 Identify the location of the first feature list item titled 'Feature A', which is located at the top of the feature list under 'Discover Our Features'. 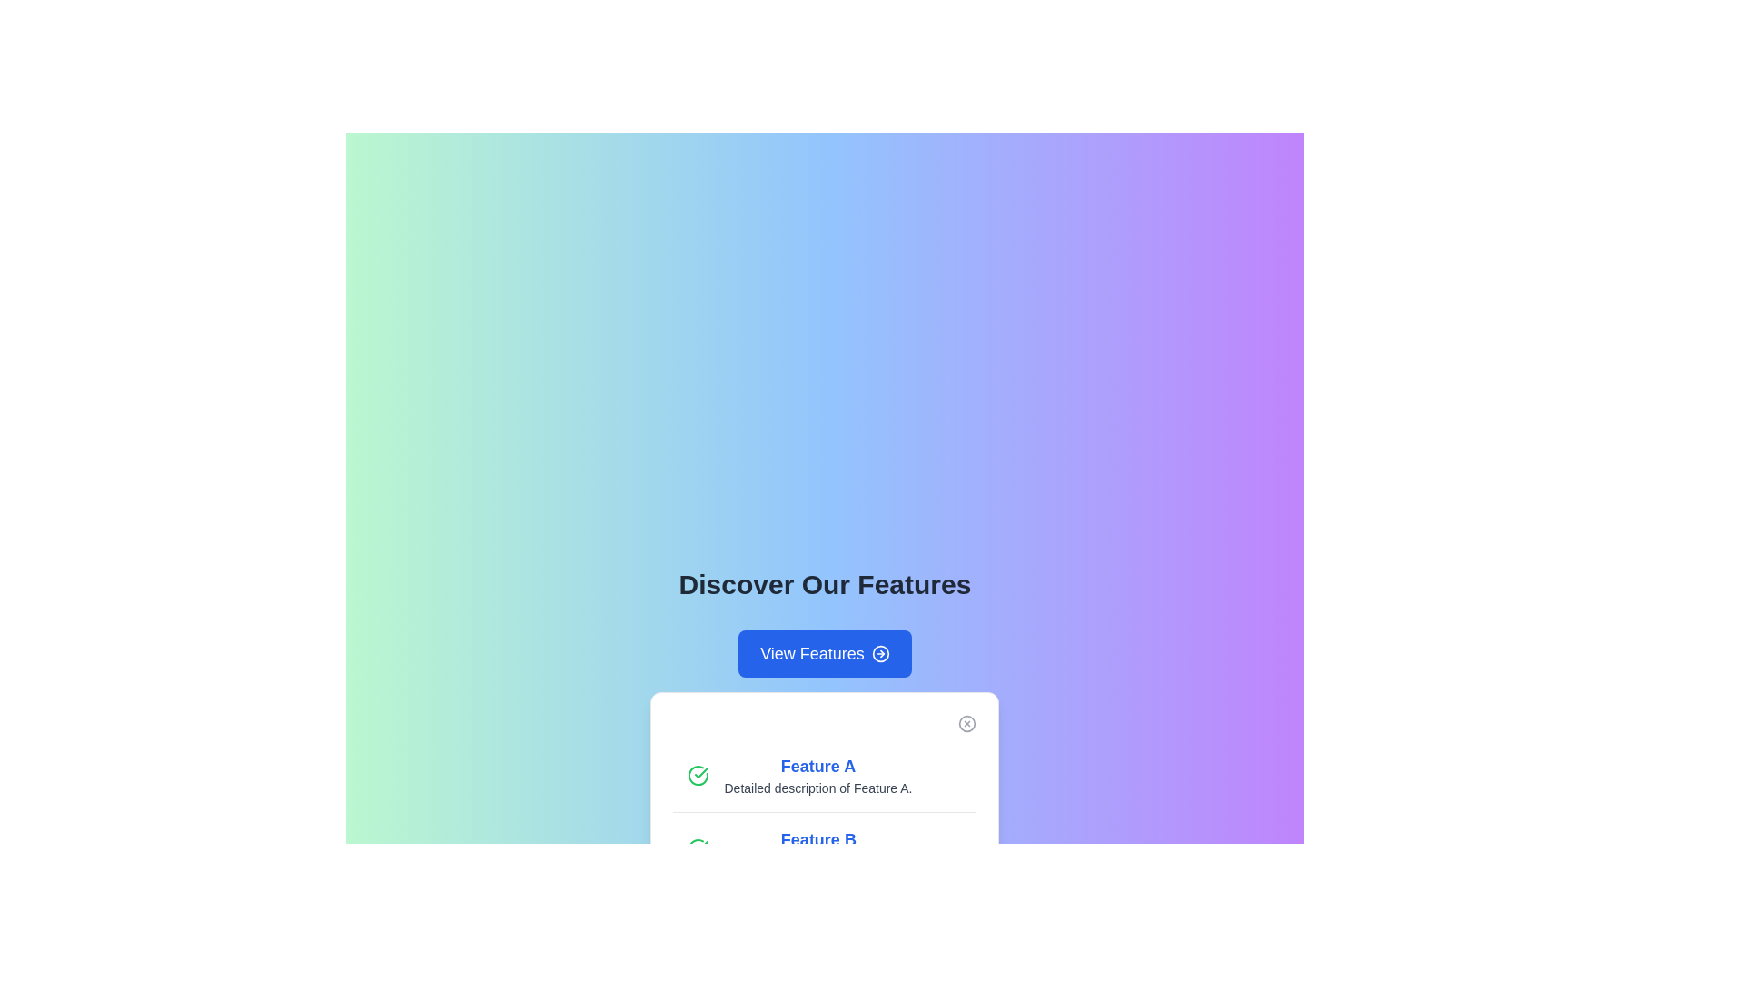
(824, 776).